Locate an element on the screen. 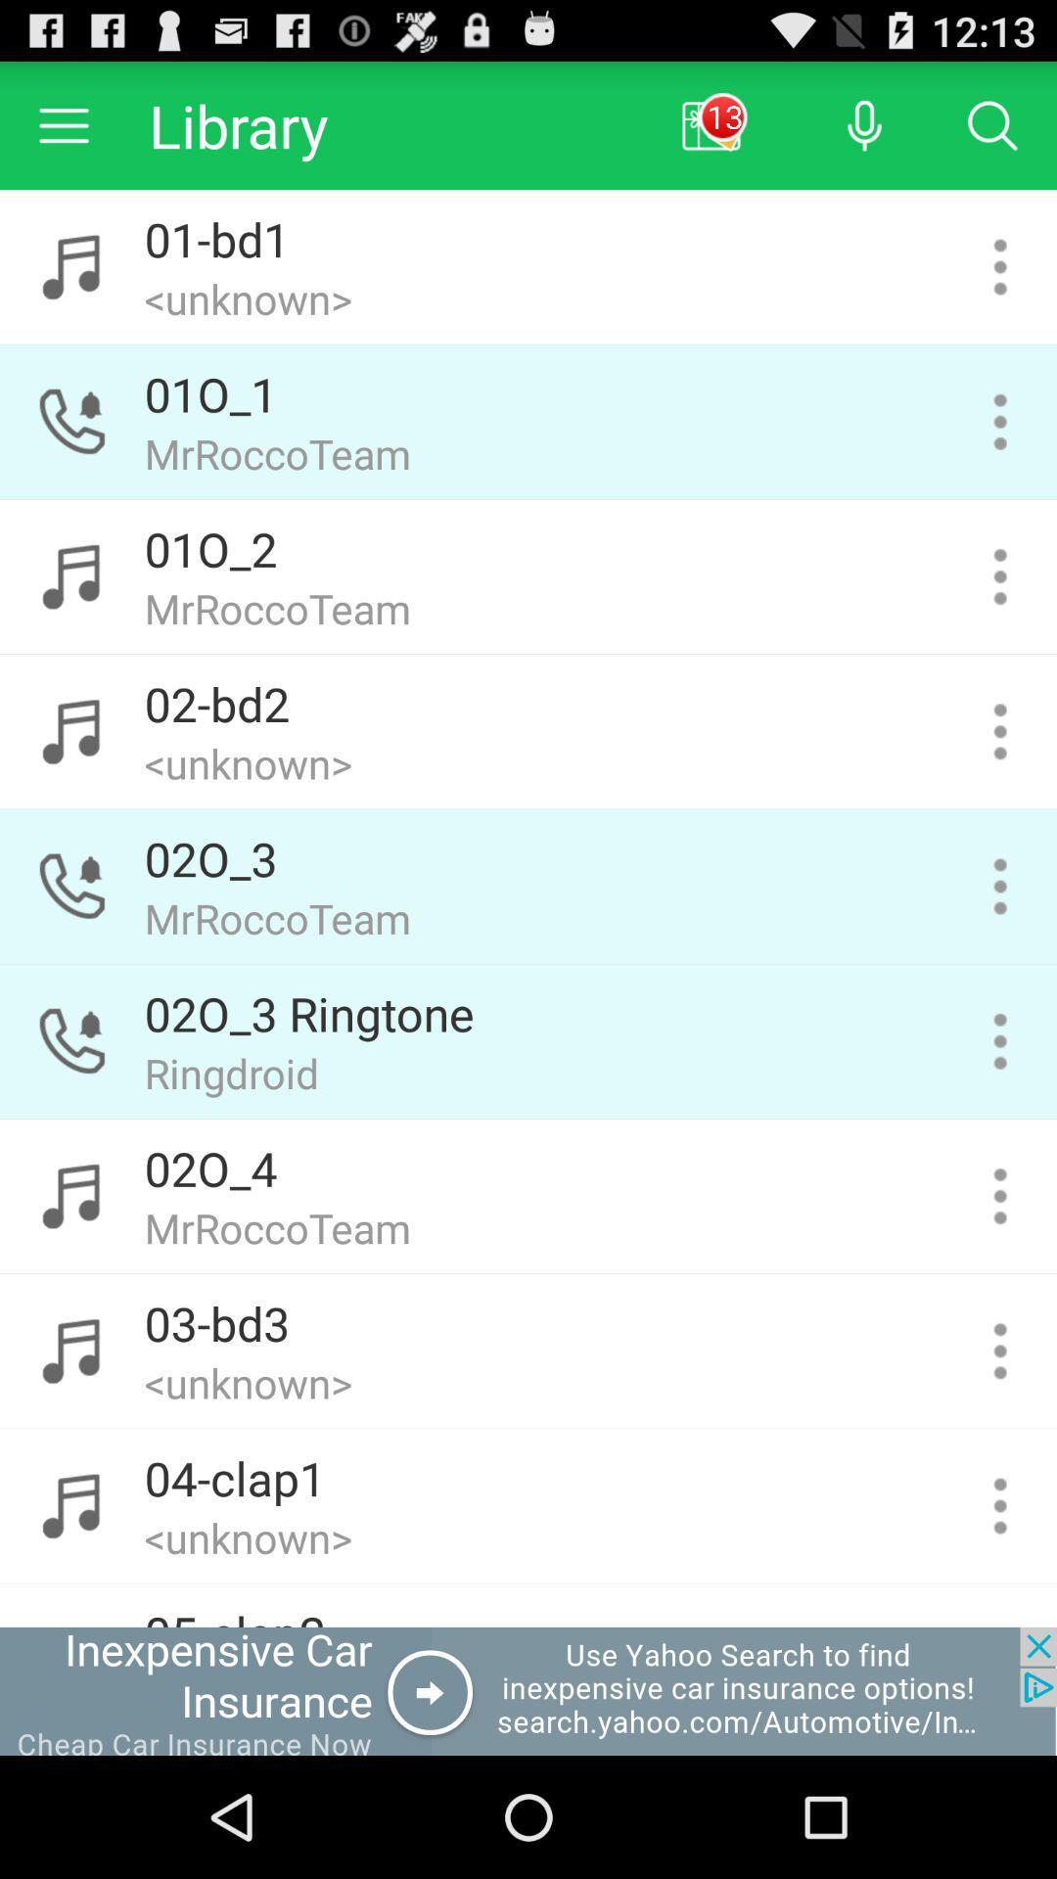 Image resolution: width=1057 pixels, height=1879 pixels. the advertisement is located at coordinates (528, 1690).